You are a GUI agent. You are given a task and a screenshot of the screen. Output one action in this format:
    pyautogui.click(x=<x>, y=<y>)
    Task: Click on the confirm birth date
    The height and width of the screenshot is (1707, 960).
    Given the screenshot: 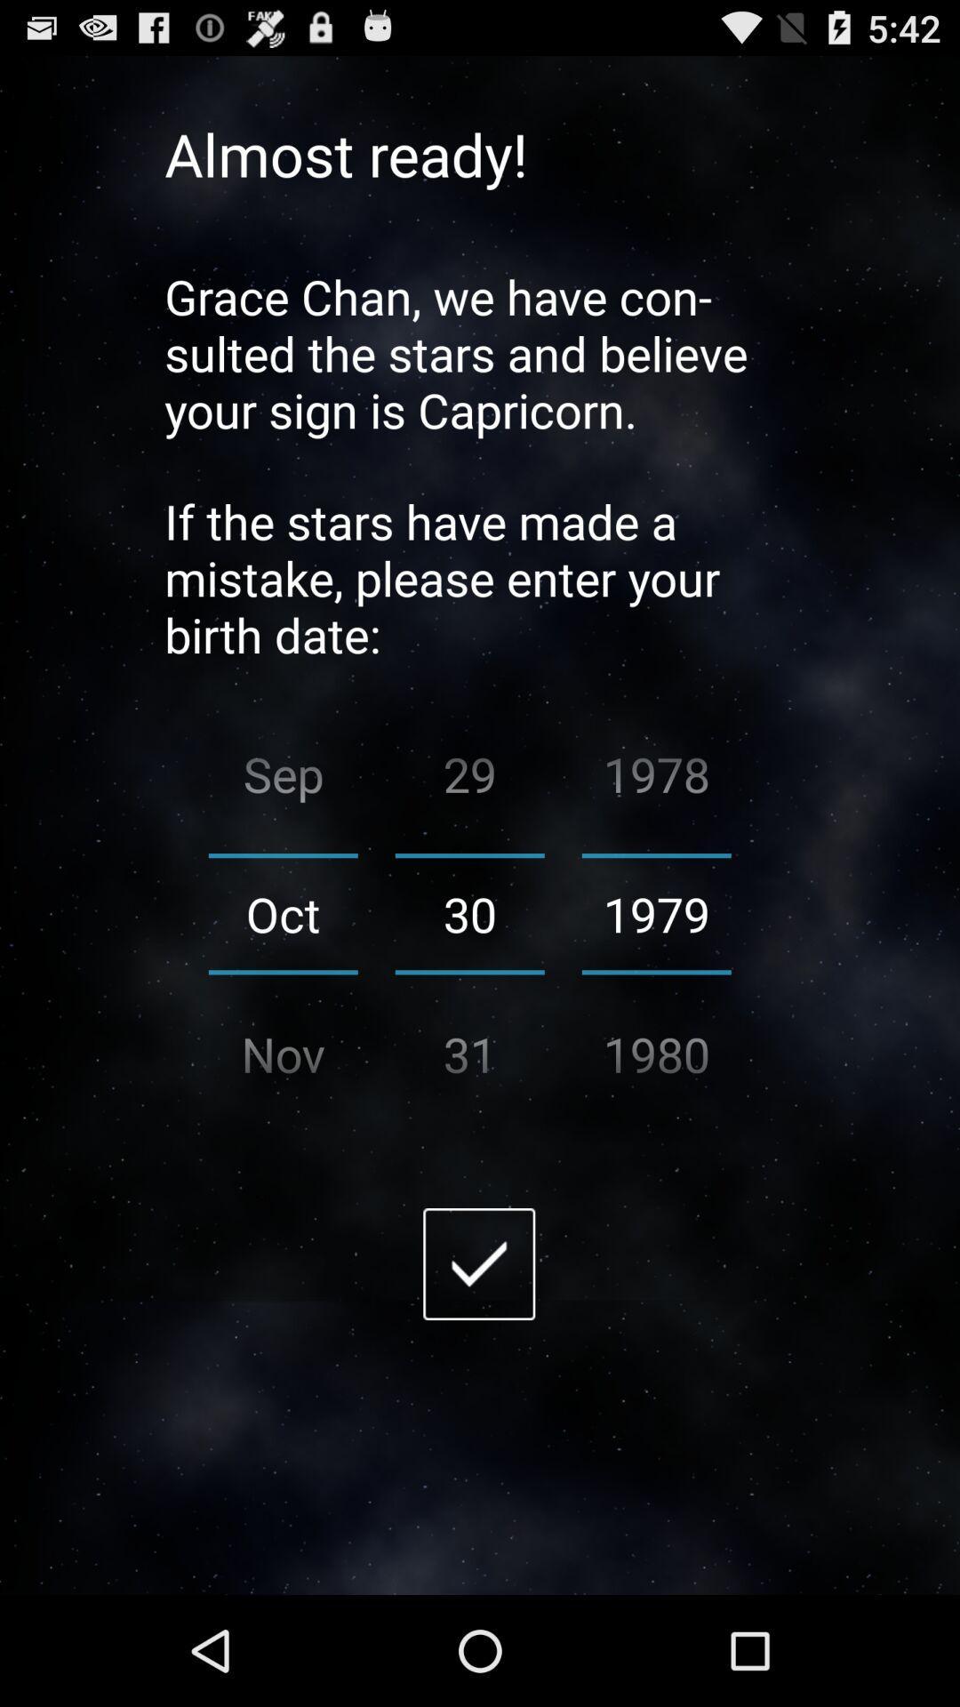 What is the action you would take?
    pyautogui.click(x=478, y=1262)
    